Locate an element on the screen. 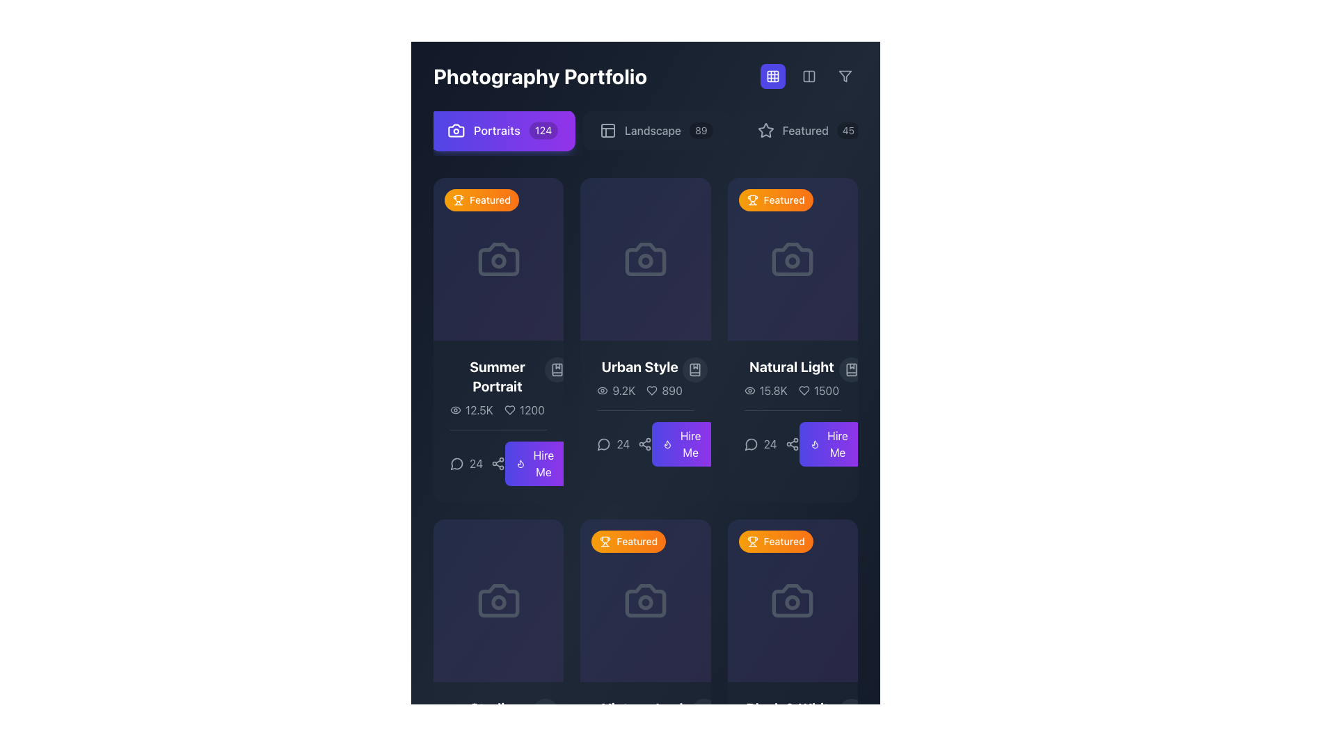 The width and height of the screenshot is (1336, 751). the trophy icon element within the highlighted badge that has a 'Featured' label, located at the top-left corner of the card is located at coordinates (605, 541).